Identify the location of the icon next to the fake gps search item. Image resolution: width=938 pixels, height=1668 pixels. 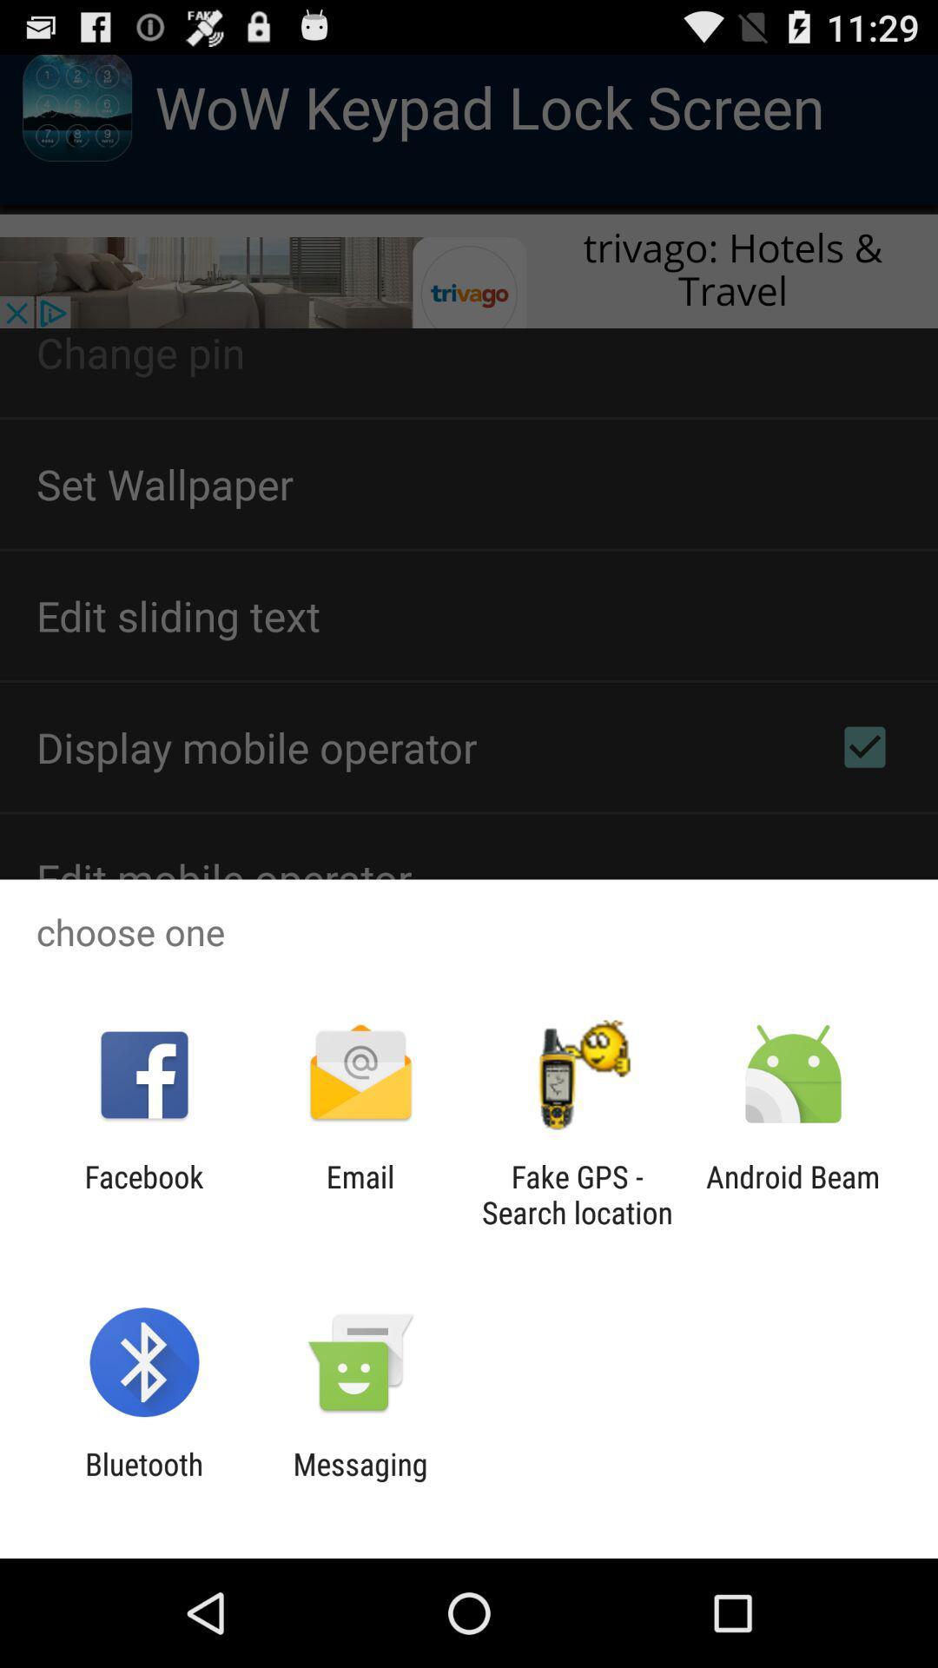
(793, 1194).